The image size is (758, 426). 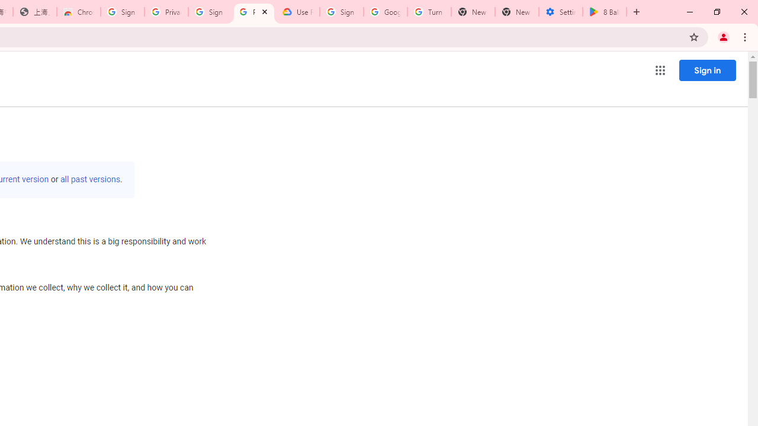 What do you see at coordinates (386, 12) in the screenshot?
I see `'Google Account Help'` at bounding box center [386, 12].